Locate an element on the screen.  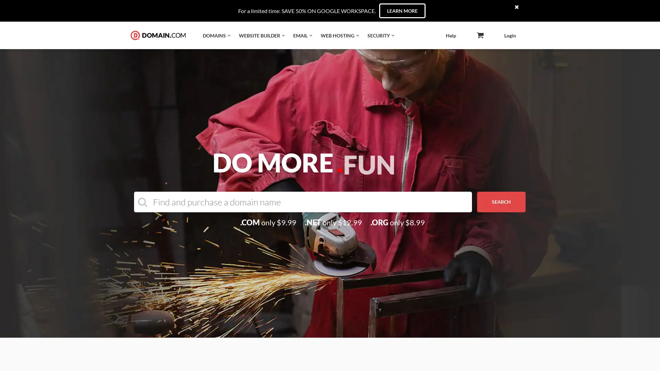
Got It is located at coordinates (70, 330).